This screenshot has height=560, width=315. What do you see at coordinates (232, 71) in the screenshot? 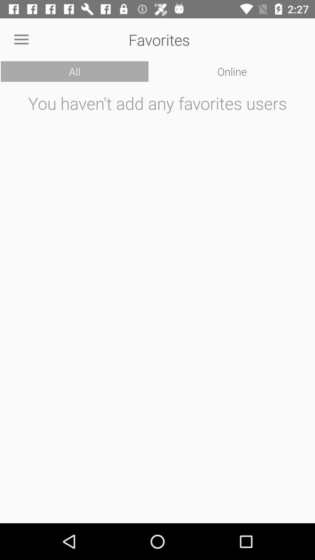
I see `the online item` at bounding box center [232, 71].